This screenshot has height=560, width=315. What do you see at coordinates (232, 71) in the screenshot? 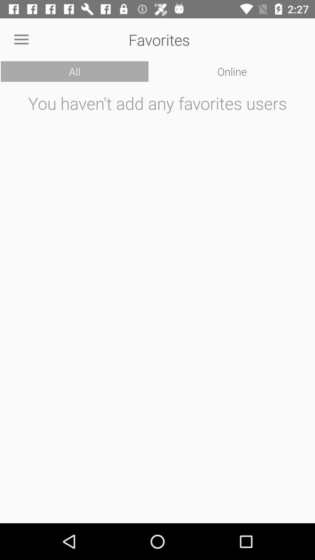
I see `the online item` at bounding box center [232, 71].